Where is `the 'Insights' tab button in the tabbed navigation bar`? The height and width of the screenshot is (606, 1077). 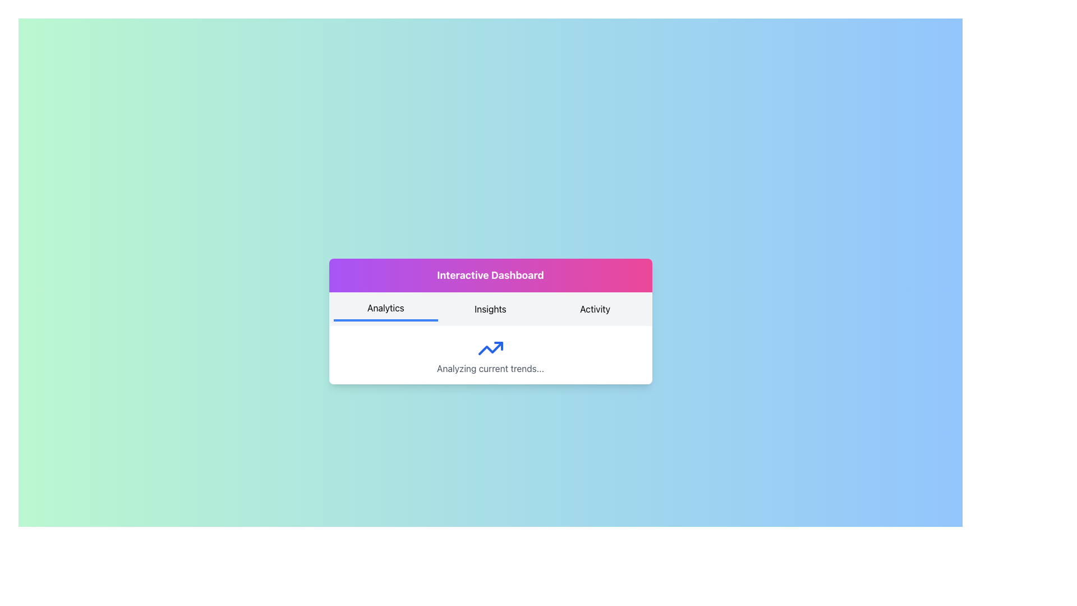 the 'Insights' tab button in the tabbed navigation bar is located at coordinates (490, 322).